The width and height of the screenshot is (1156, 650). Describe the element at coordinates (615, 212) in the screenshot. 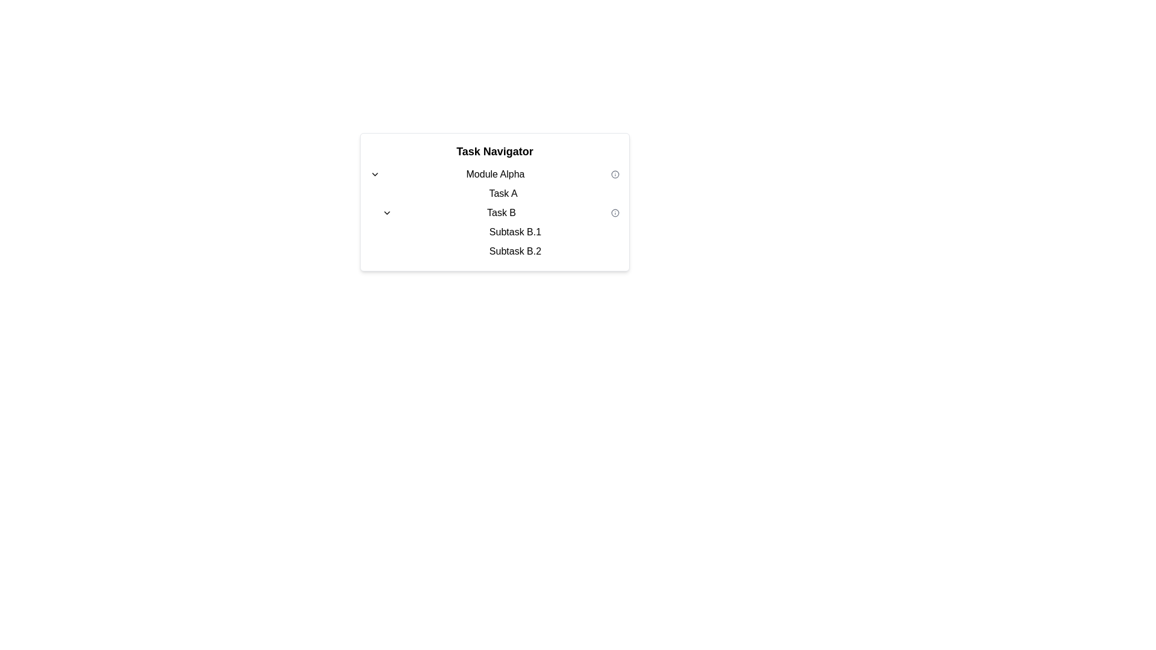

I see `the small, circular gray information icon located to the right of the text 'Task B' in the task navigation section` at that location.